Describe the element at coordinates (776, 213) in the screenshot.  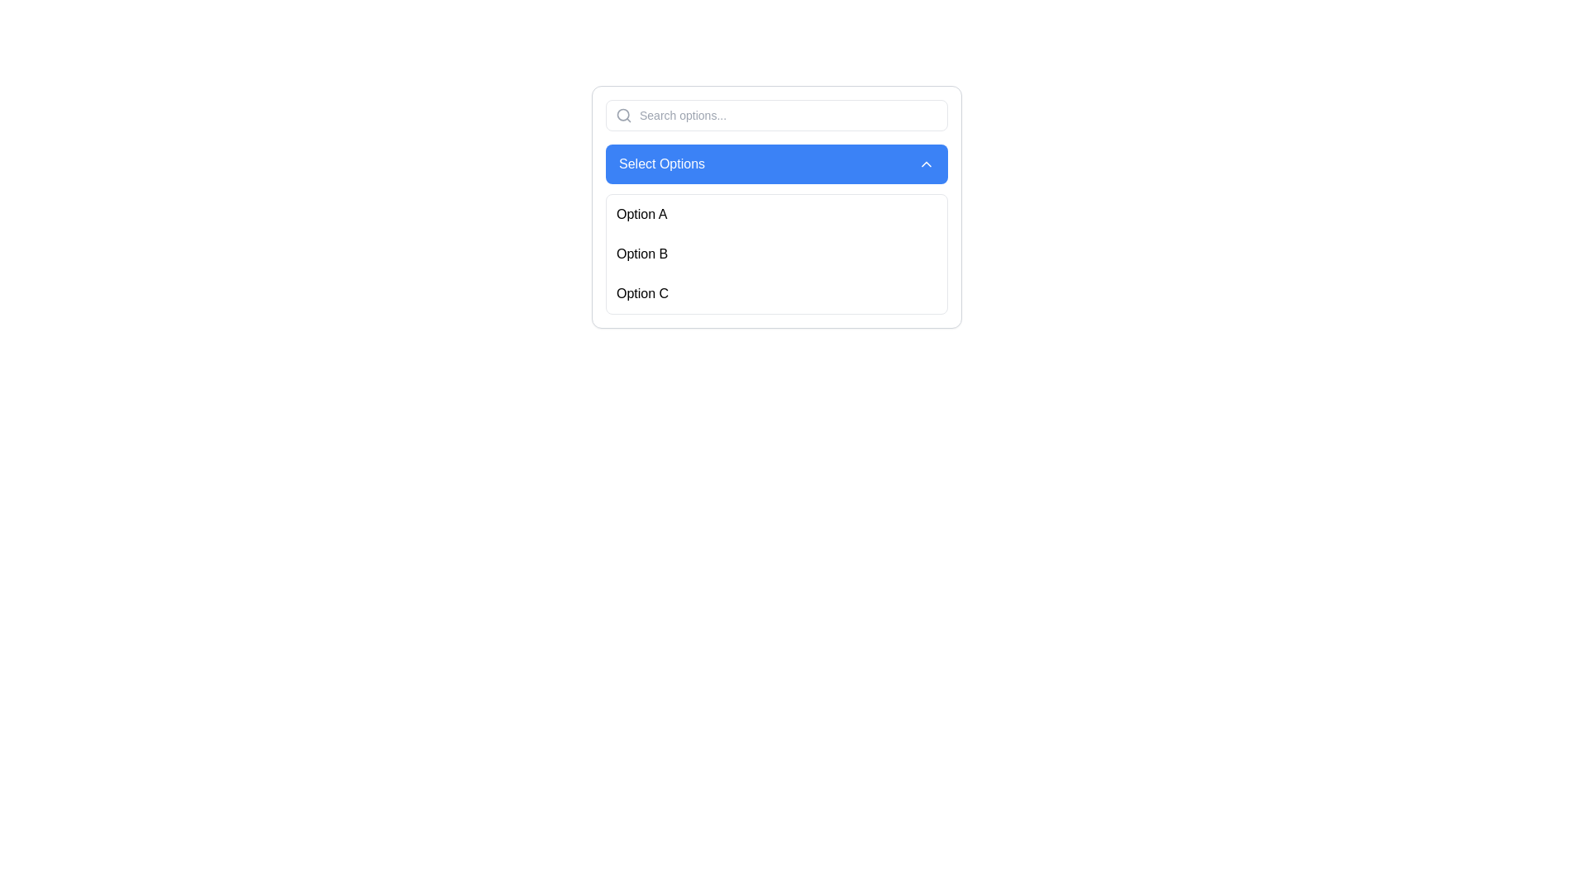
I see `the first selectable option element labeled 'Option A' in the dropdown menu` at that location.